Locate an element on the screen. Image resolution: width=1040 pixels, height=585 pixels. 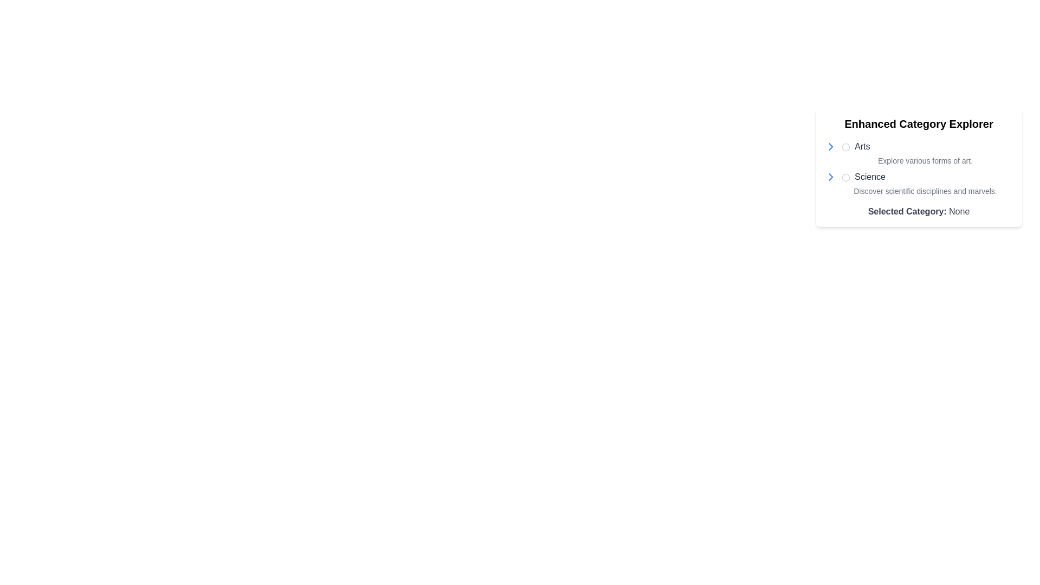
the circular checkbox icon for the 'Science' category is located at coordinates (845, 177).